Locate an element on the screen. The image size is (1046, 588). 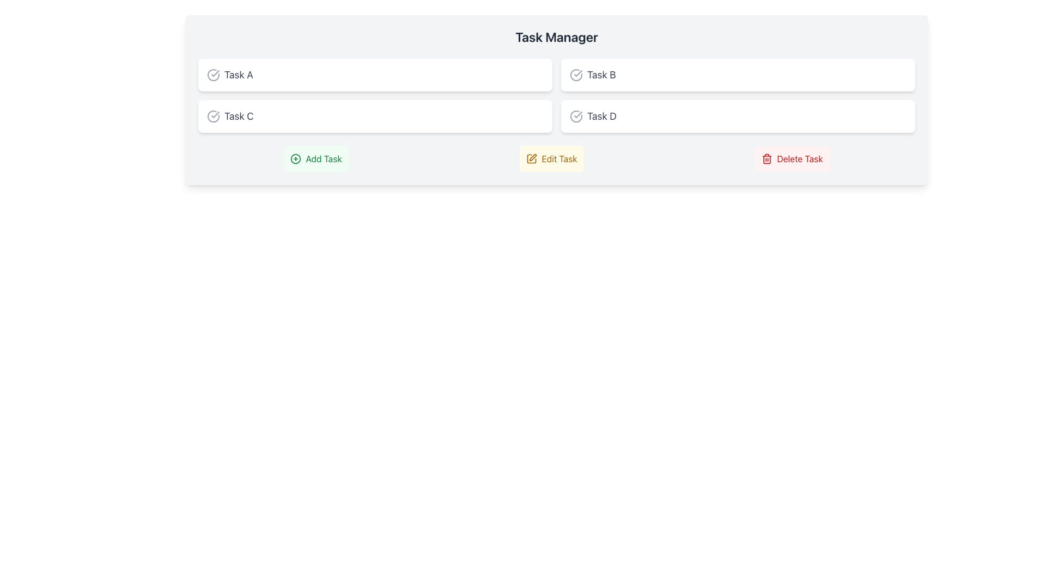
the 'Add Task' textual label within the green button is located at coordinates (323, 159).